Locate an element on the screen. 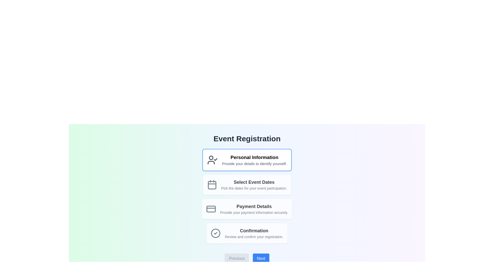 This screenshot has width=486, height=273. the text header labeled 'Event Registration' which is styled with a bolded, large font and dark gray color, located at the top center of the interface above event registration-related steps is located at coordinates (247, 139).